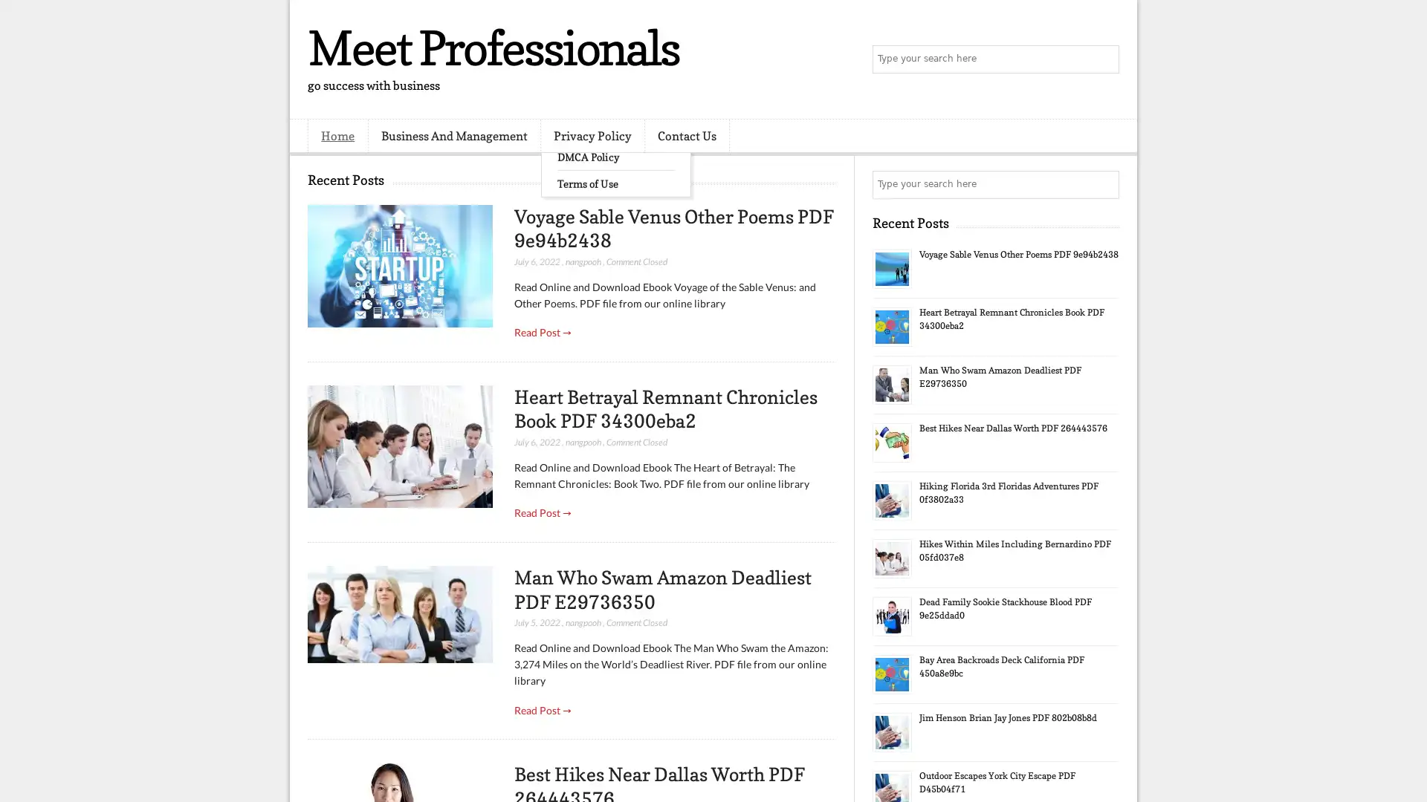  I want to click on Search, so click(1104, 184).